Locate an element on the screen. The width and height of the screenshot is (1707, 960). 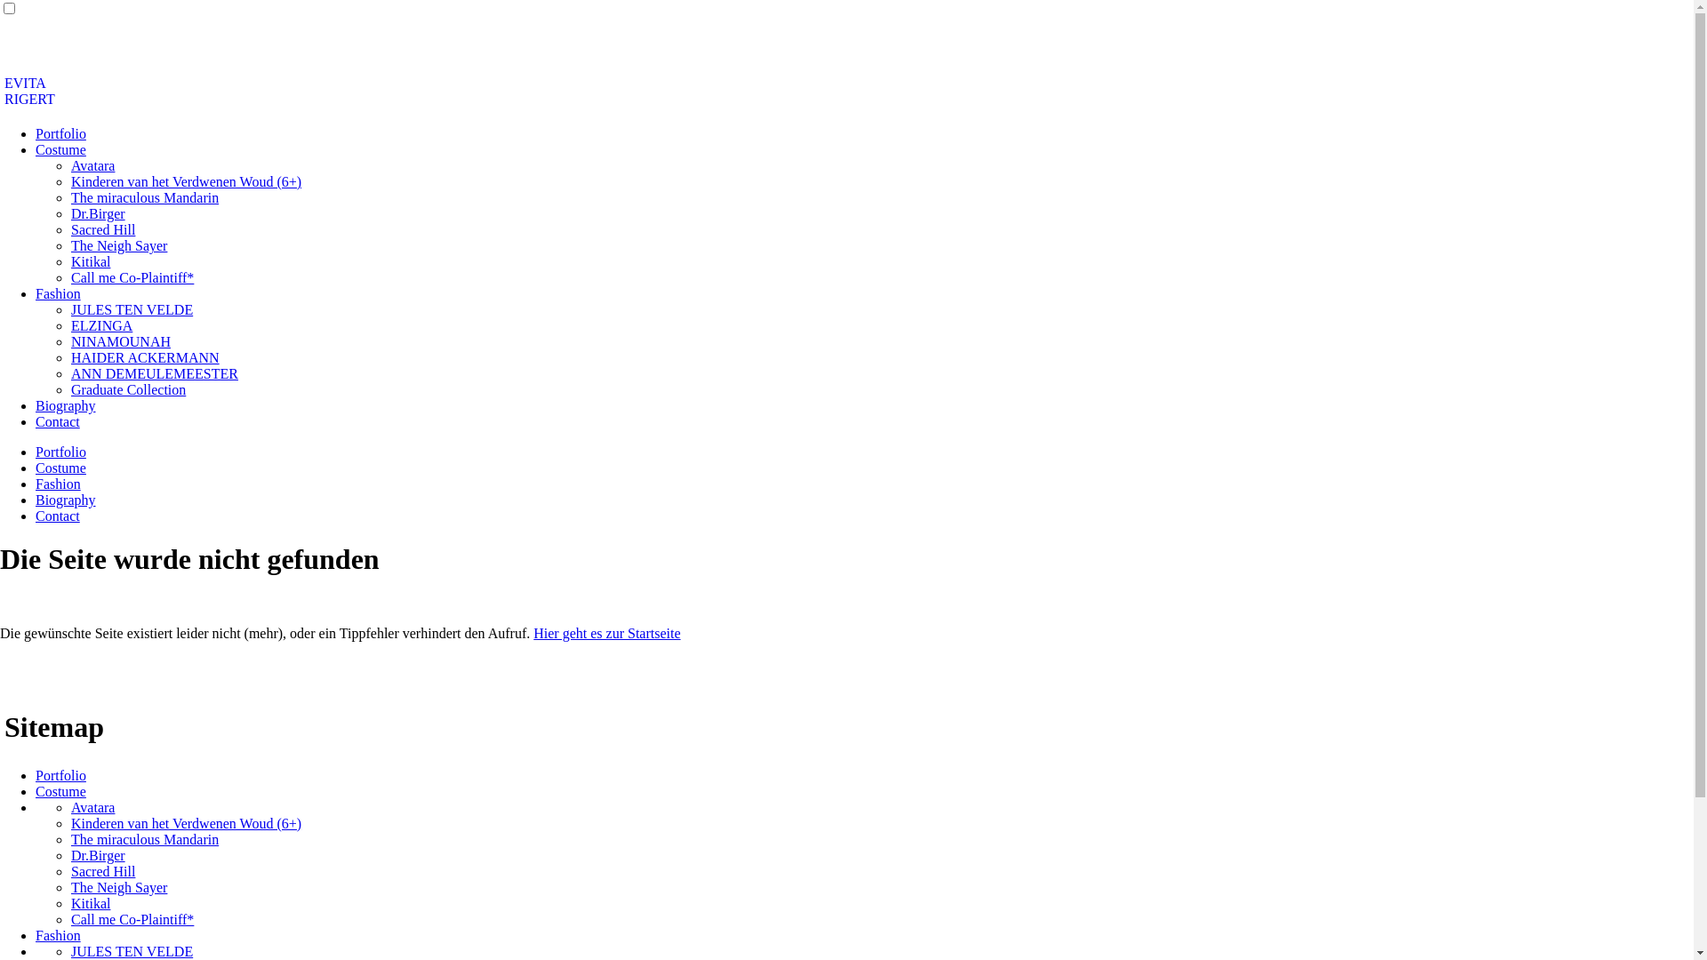
'The miraculous Mandarin' is located at coordinates (145, 839).